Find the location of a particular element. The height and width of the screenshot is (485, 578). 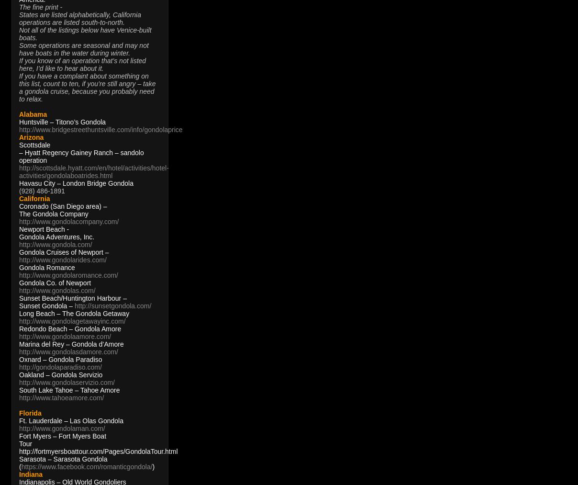

'The Gondola Company' is located at coordinates (53, 214).